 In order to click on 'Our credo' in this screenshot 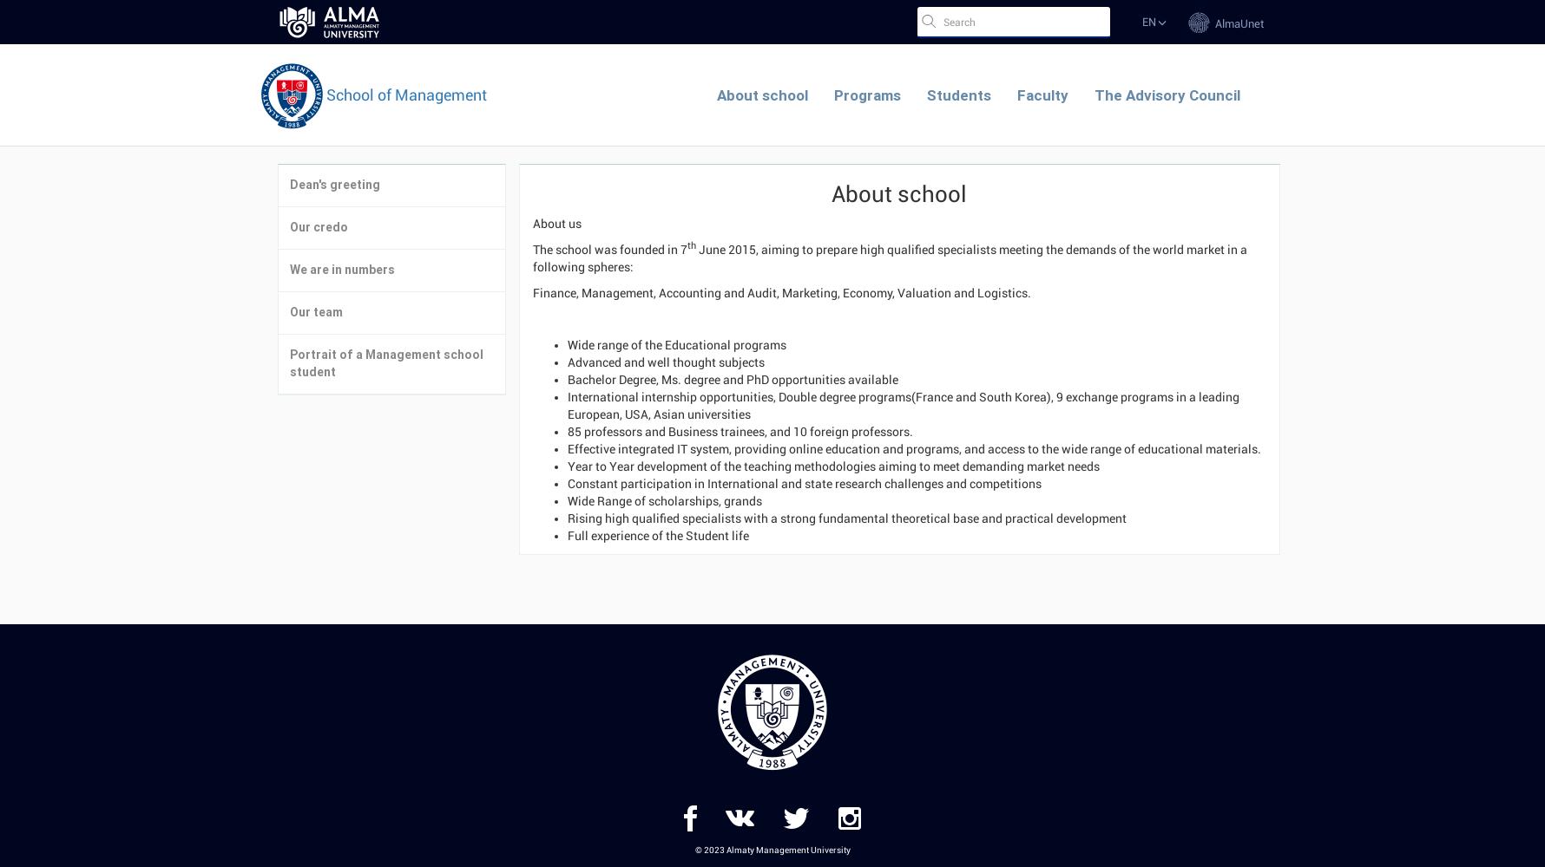, I will do `click(319, 227)`.